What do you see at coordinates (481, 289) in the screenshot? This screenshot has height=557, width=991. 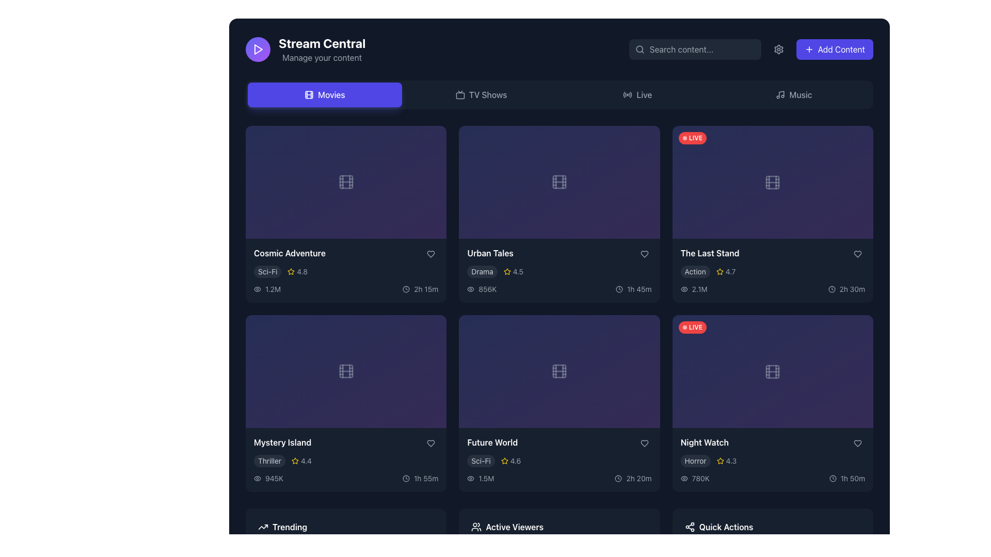 I see `number of views or engagements displayed in the 'Urban Tales' label located in the second column of the movies display grid, positioned to the left of the '1h 45m' element` at bounding box center [481, 289].